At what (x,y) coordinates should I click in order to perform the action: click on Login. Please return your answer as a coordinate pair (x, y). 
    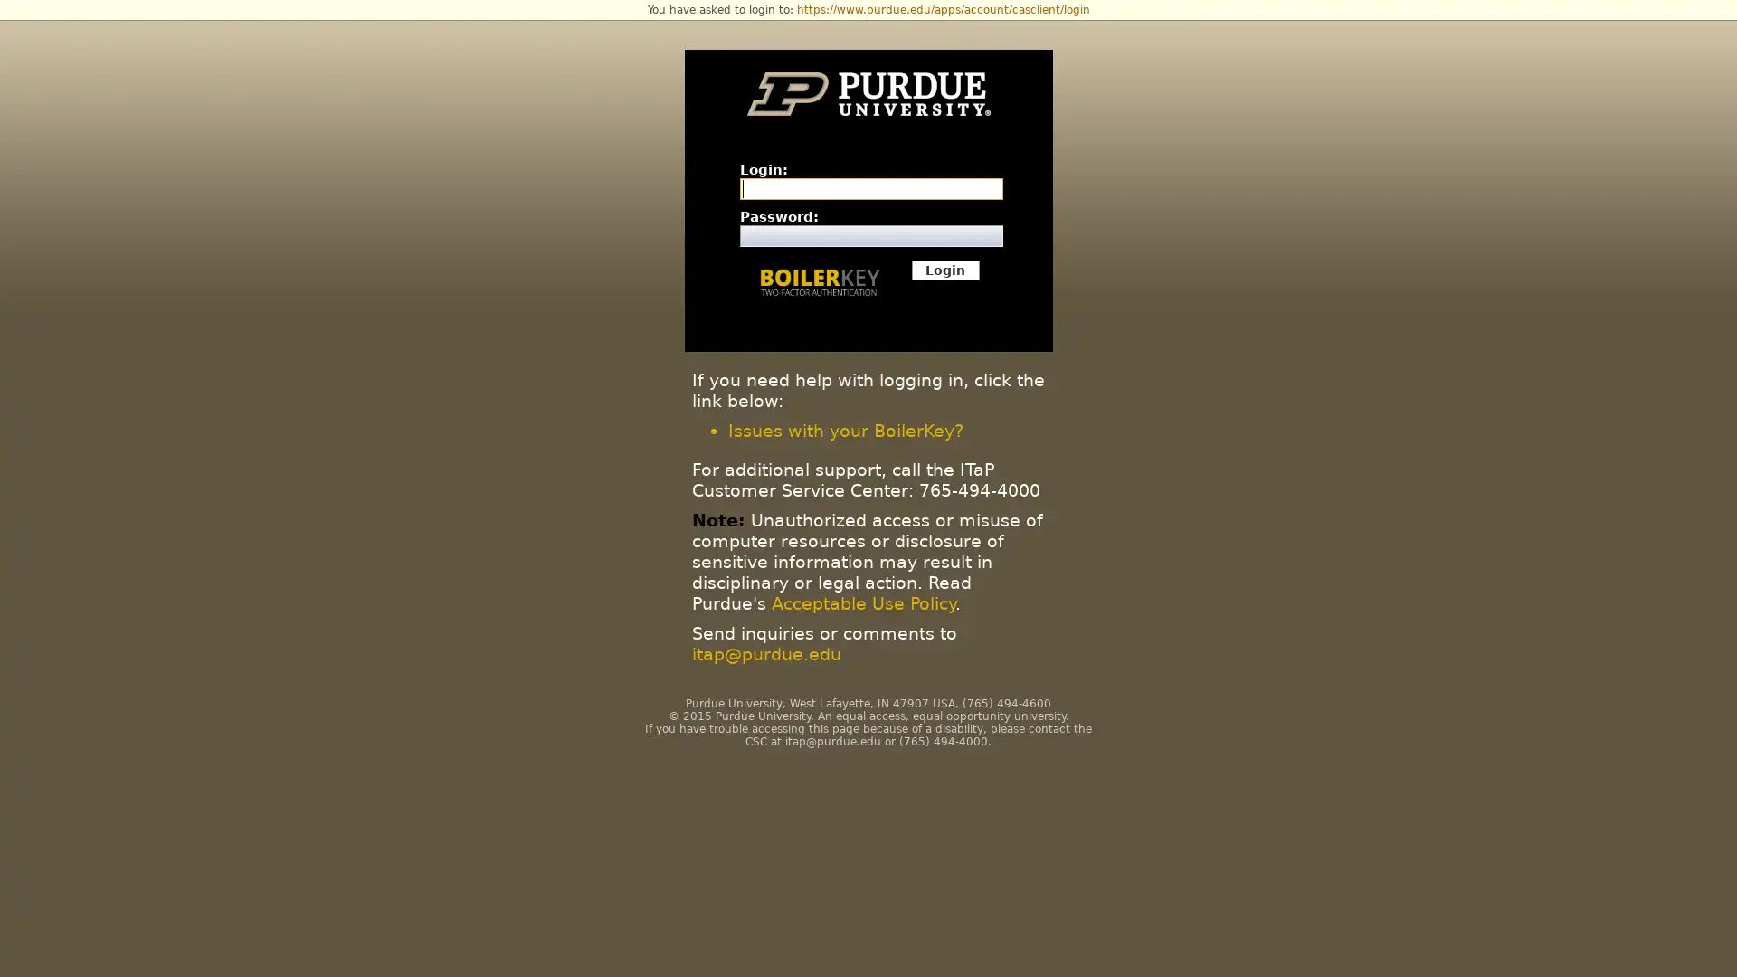
    Looking at the image, I should click on (944, 270).